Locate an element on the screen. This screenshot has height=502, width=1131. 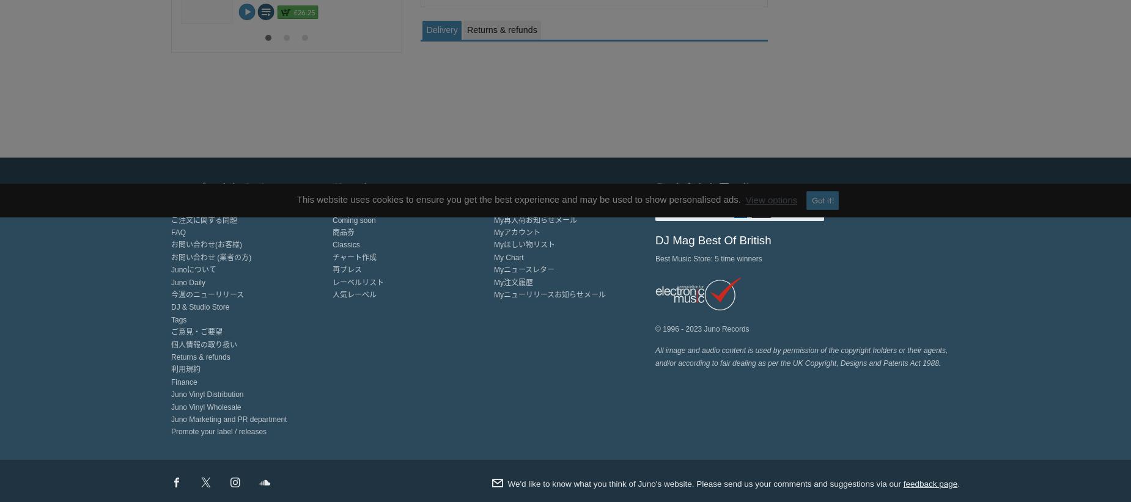
'お問い合わせ(お客様)' is located at coordinates (205, 244).